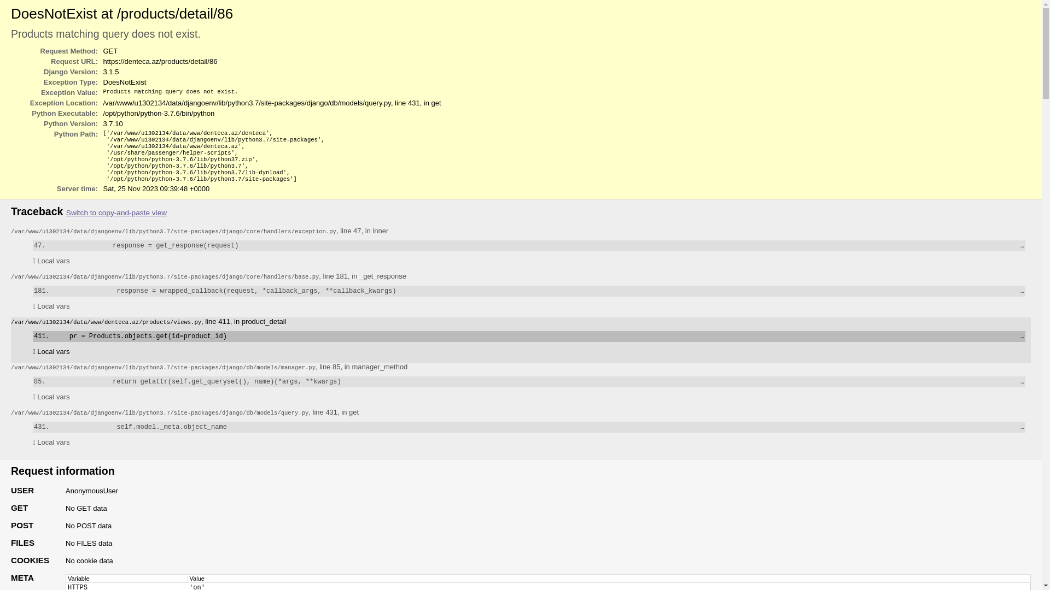 The height and width of the screenshot is (590, 1050). I want to click on 'Switch to copy-and-paste view', so click(116, 213).